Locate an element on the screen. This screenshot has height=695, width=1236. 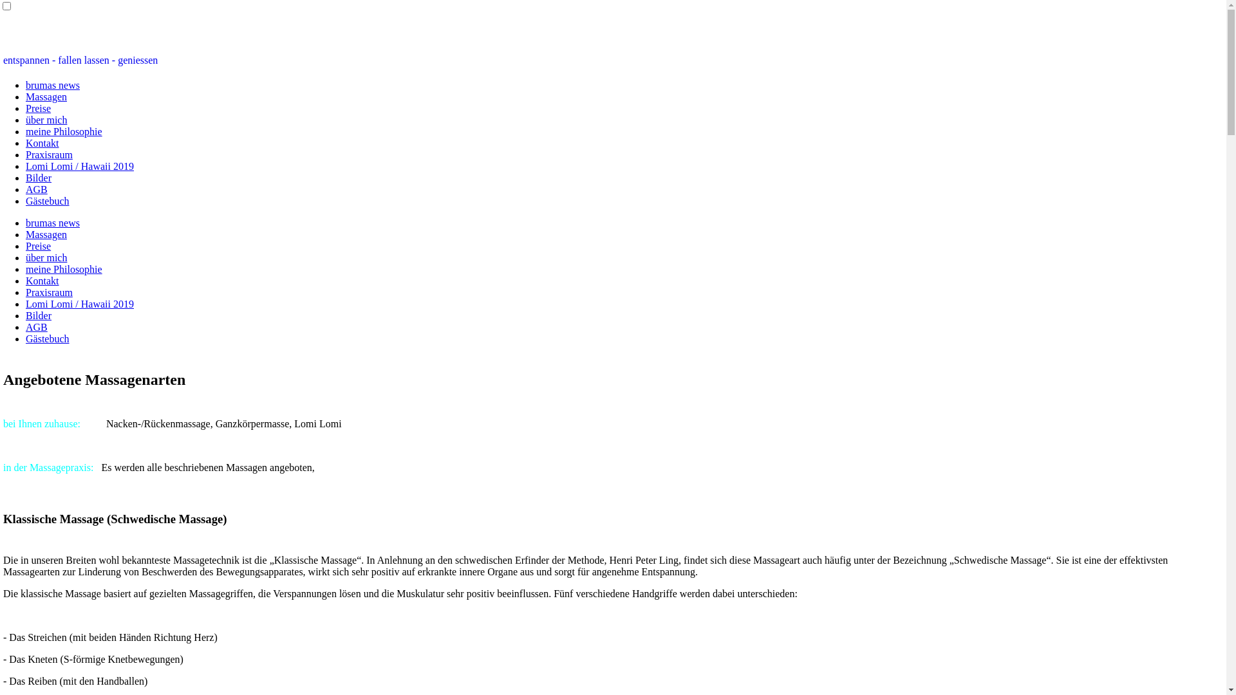
'Kontakt' is located at coordinates (25, 143).